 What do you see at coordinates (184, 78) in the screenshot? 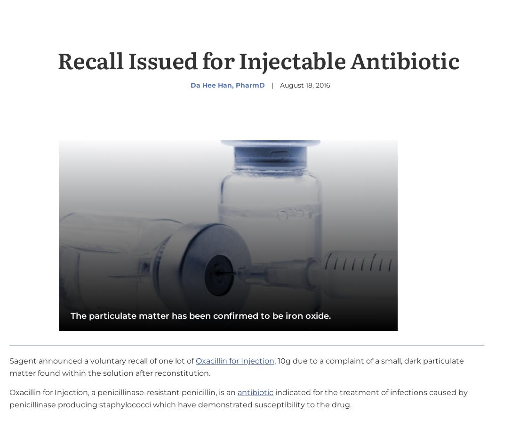
I see `'Haymarket Medical Network'` at bounding box center [184, 78].